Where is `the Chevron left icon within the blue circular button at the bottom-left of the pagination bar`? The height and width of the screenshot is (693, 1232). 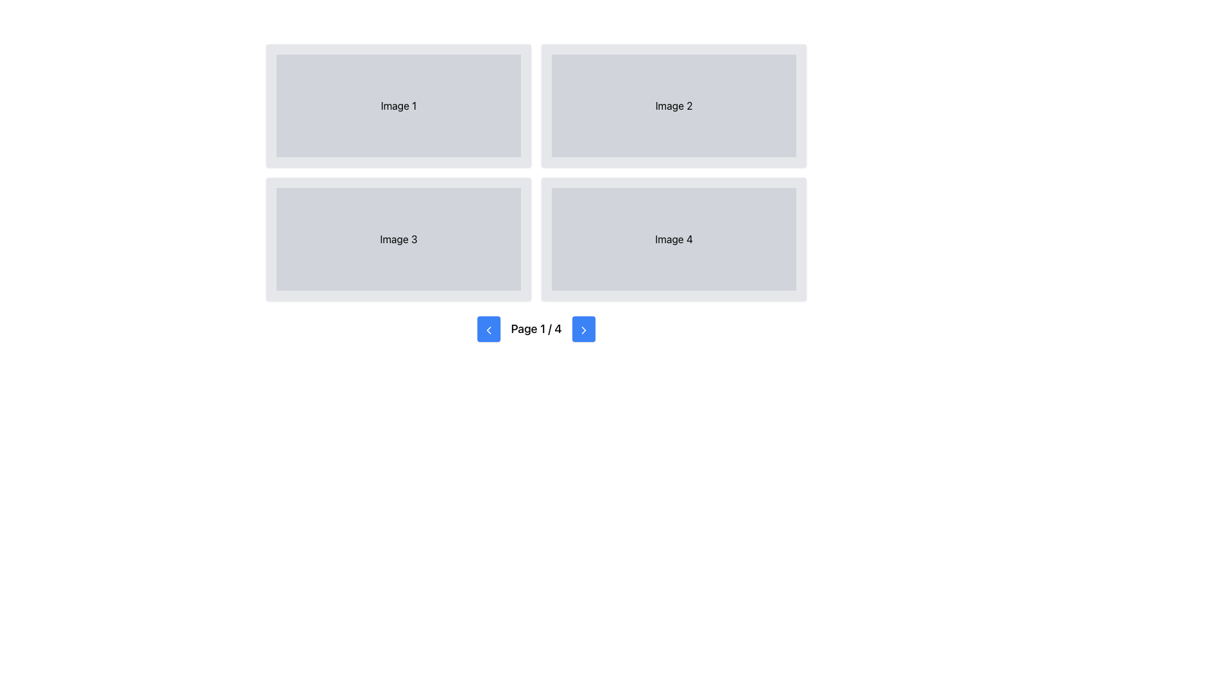 the Chevron left icon within the blue circular button at the bottom-left of the pagination bar is located at coordinates (488, 329).